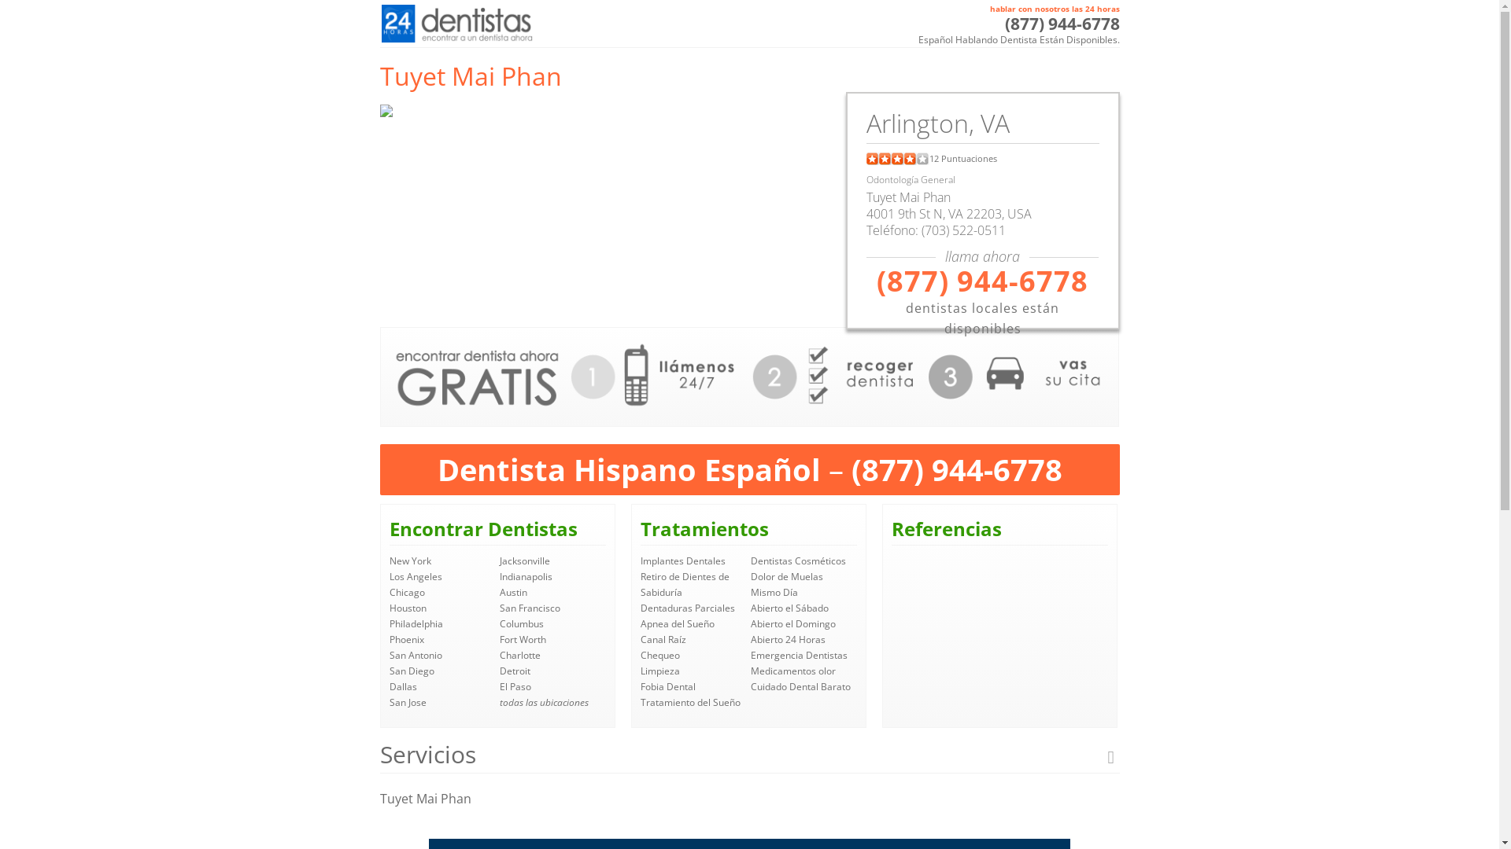 The width and height of the screenshot is (1511, 849). I want to click on 'Limpieza', so click(641, 671).